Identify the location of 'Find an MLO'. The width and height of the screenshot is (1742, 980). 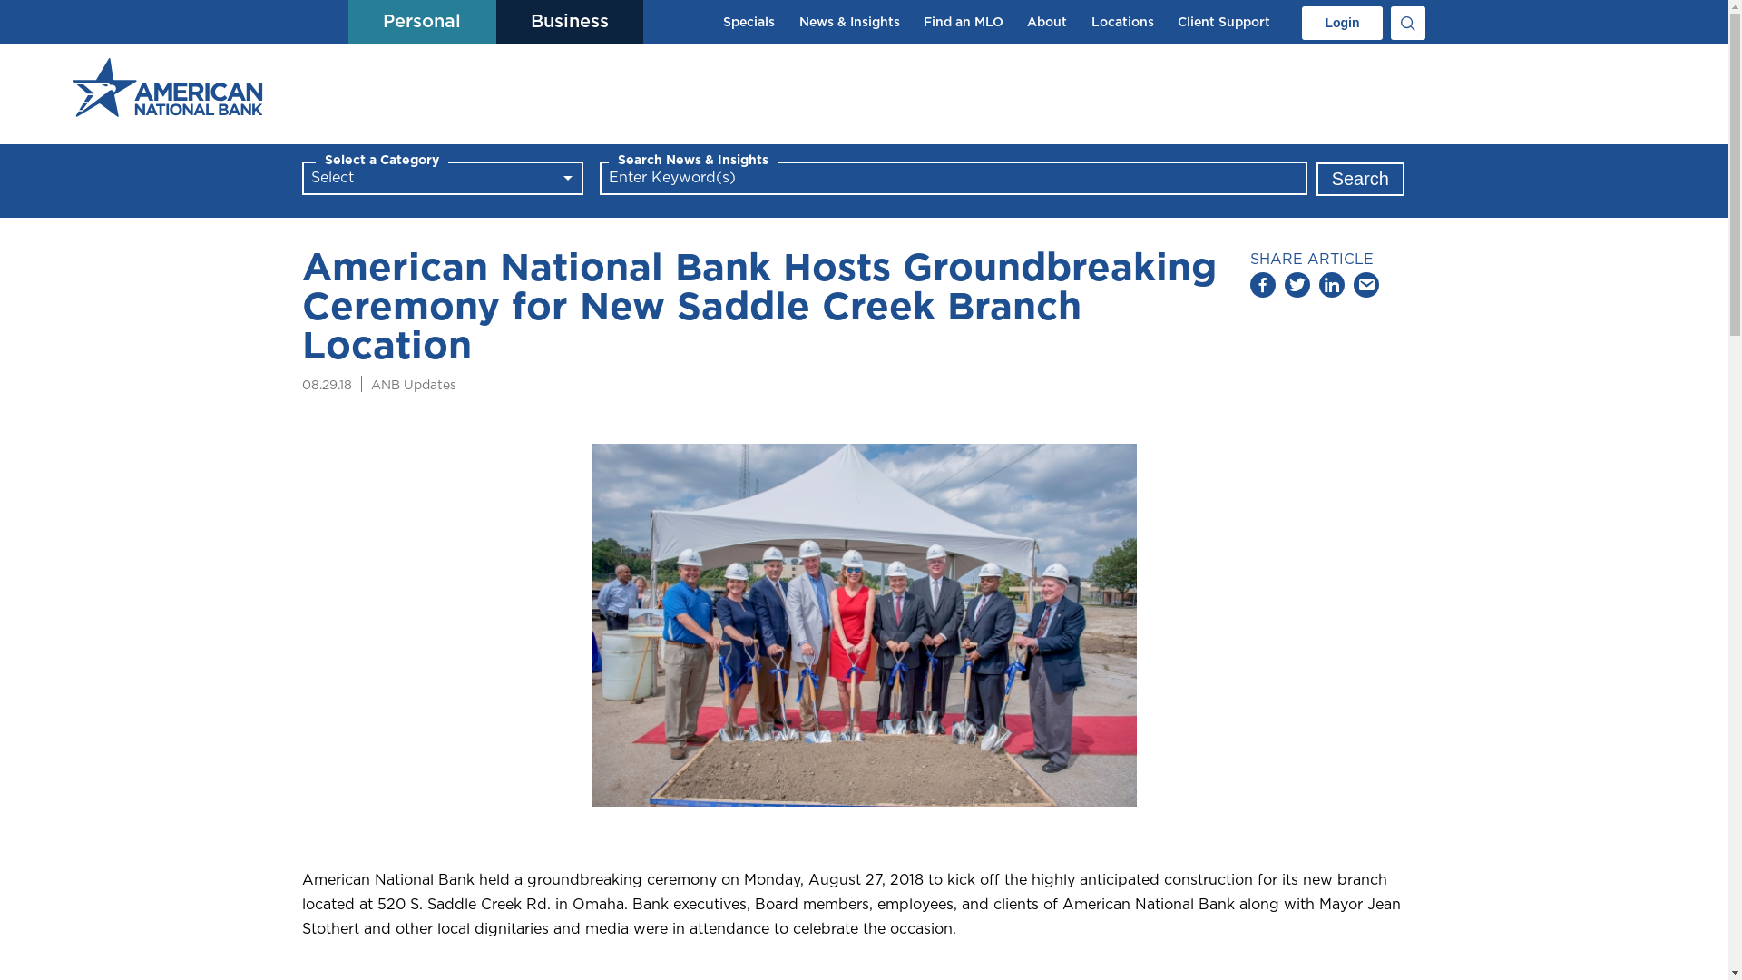
(962, 21).